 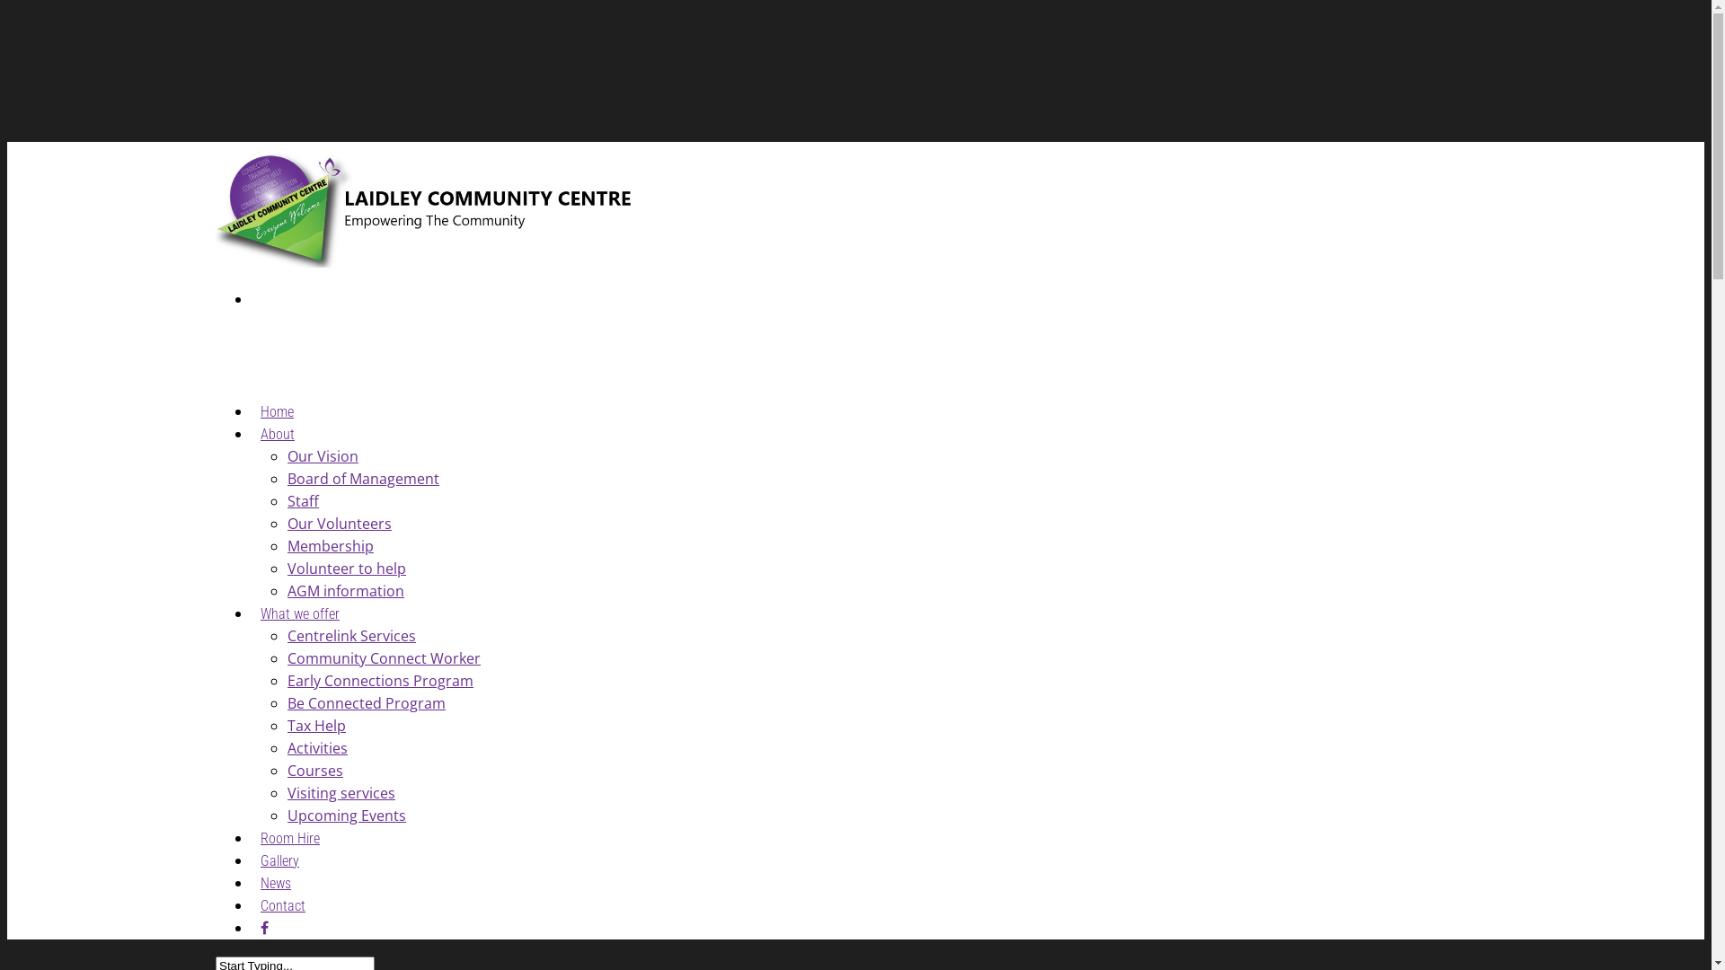 I want to click on 'Centrelink Services', so click(x=351, y=635).